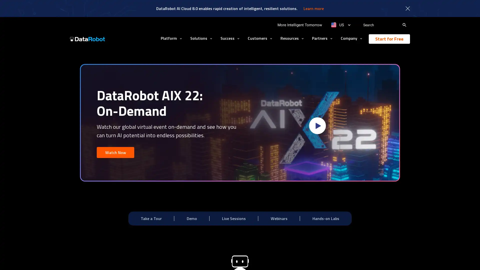 The image size is (480, 270). What do you see at coordinates (340, 25) in the screenshot?
I see `US` at bounding box center [340, 25].